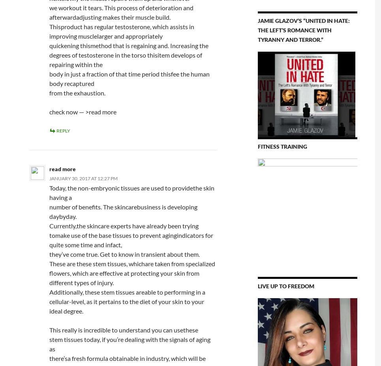  What do you see at coordinates (131, 268) in the screenshot?
I see `'they’ve come true. Get to know in transient about them. These are these stem tissues, whichare taken from specialized flowers, which are effective at protecting your skin from different types of injury.'` at bounding box center [131, 268].